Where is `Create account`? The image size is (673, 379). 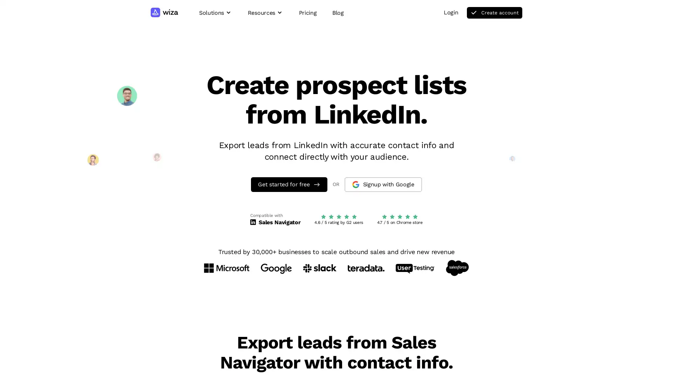
Create account is located at coordinates (494, 13).